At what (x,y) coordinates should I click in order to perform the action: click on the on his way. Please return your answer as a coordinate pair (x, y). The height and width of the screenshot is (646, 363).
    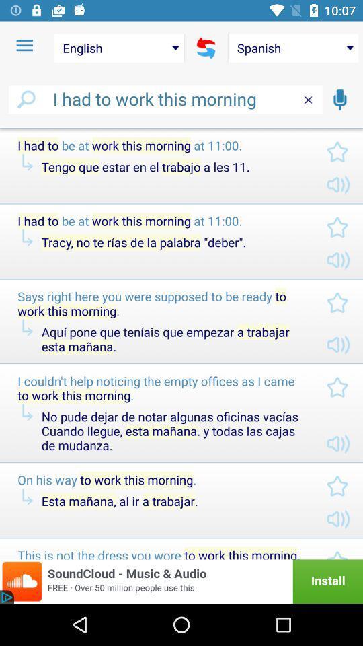
    Looking at the image, I should click on (161, 480).